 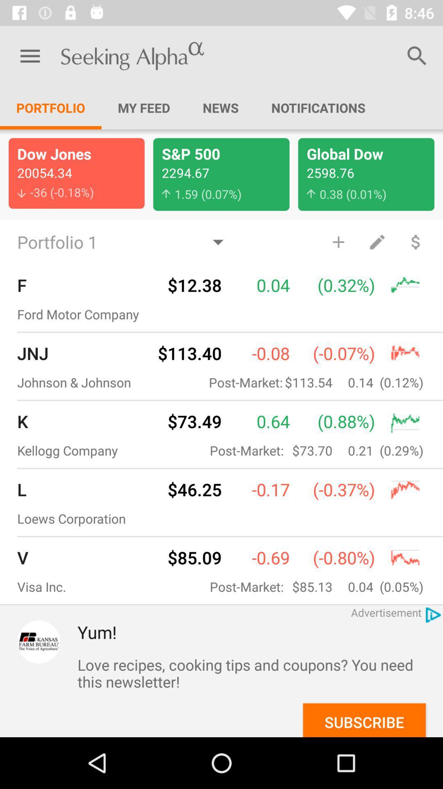 I want to click on the subscribe item, so click(x=364, y=720).